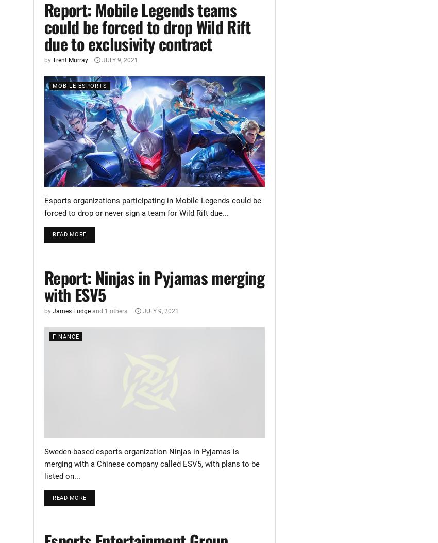  What do you see at coordinates (97, 310) in the screenshot?
I see `'and'` at bounding box center [97, 310].